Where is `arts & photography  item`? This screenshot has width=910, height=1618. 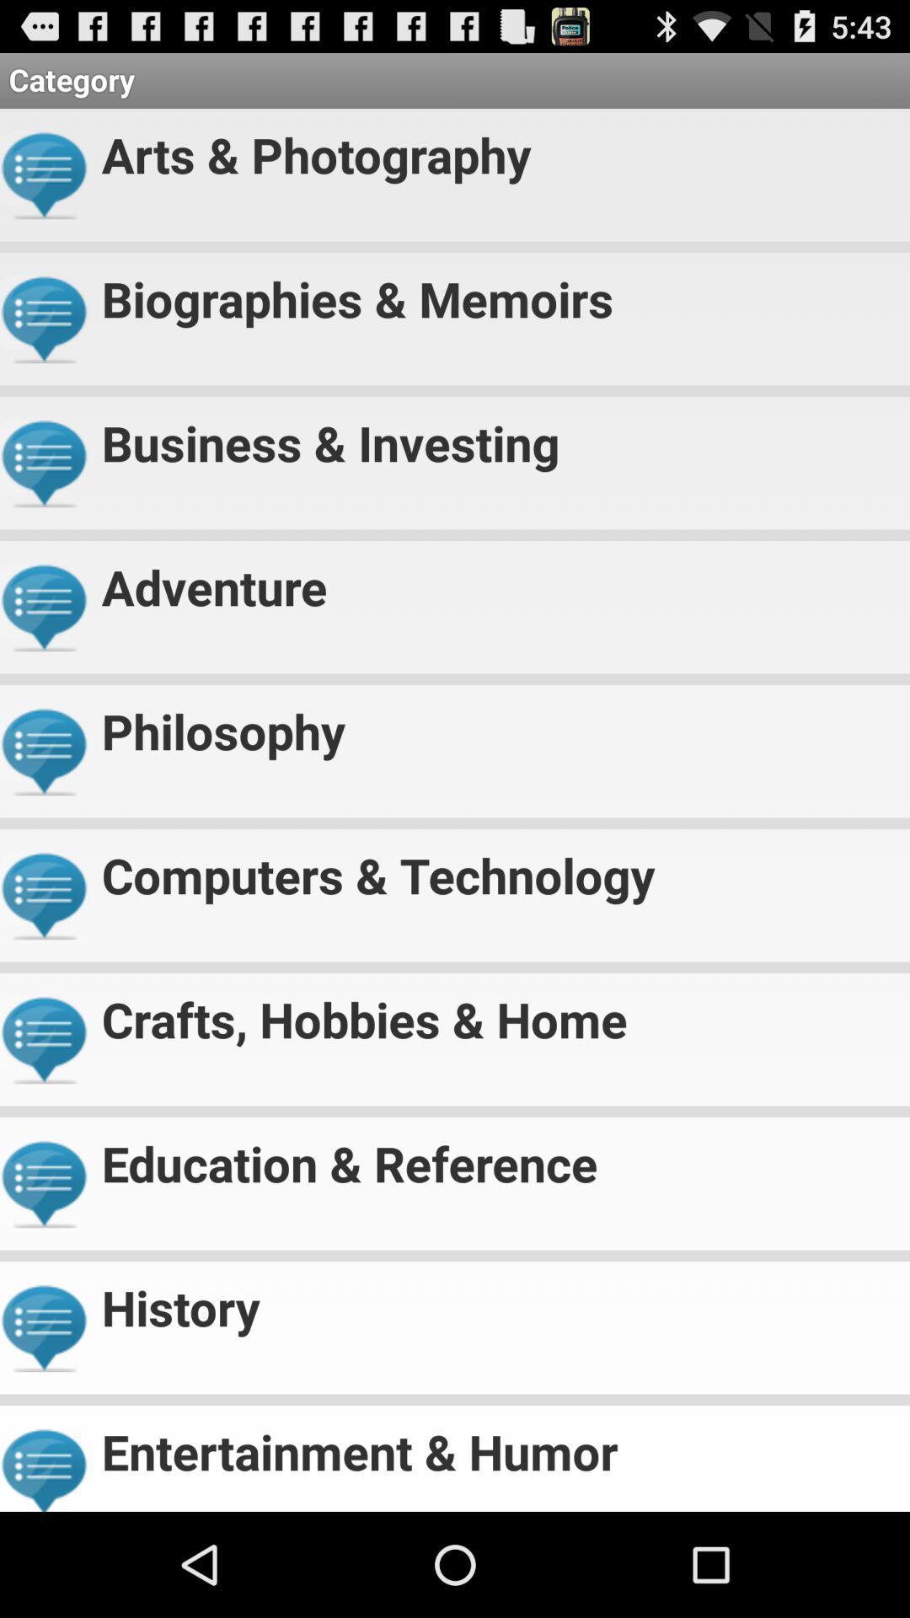 arts & photography  item is located at coordinates (498, 147).